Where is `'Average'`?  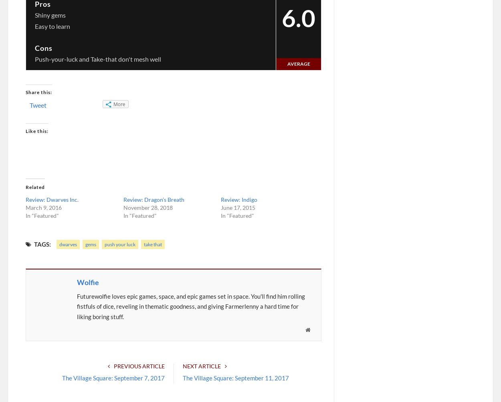 'Average' is located at coordinates (298, 63).